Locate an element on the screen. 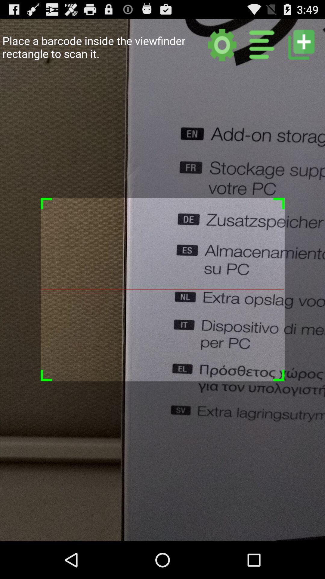  list view is located at coordinates (262, 44).